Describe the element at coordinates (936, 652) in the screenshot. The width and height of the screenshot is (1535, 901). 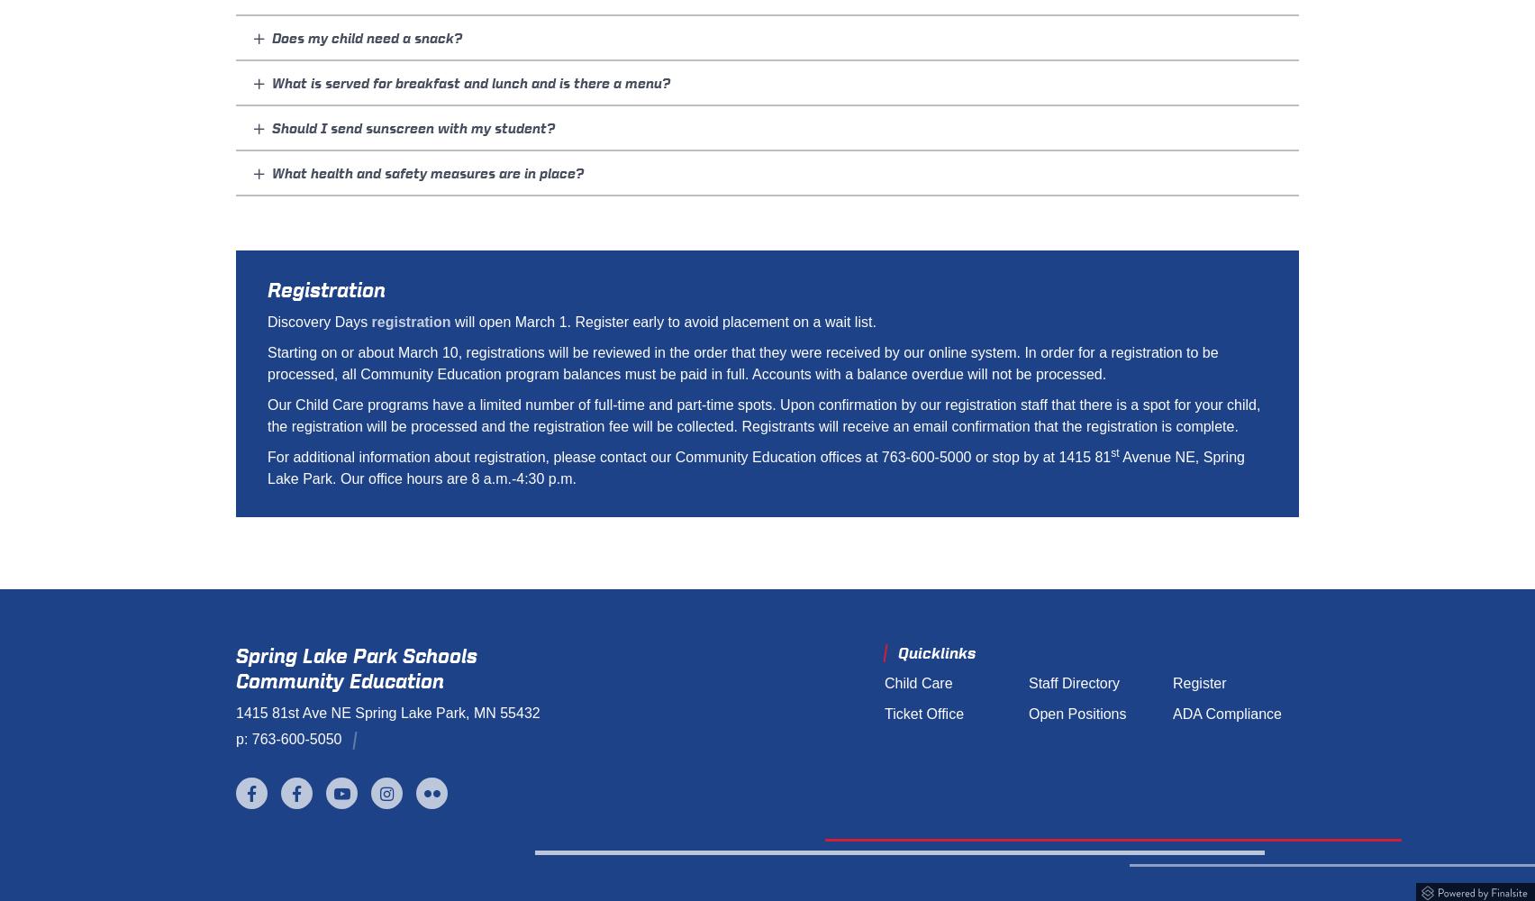
I see `'Quicklinks'` at that location.